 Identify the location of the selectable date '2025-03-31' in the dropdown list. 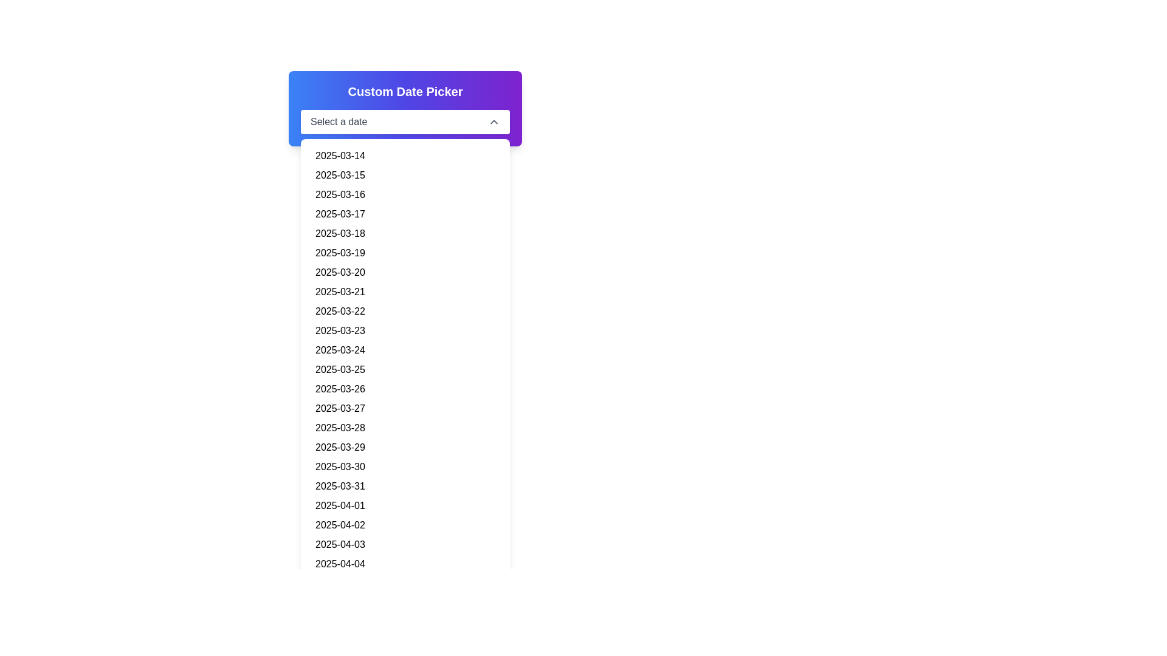
(405, 486).